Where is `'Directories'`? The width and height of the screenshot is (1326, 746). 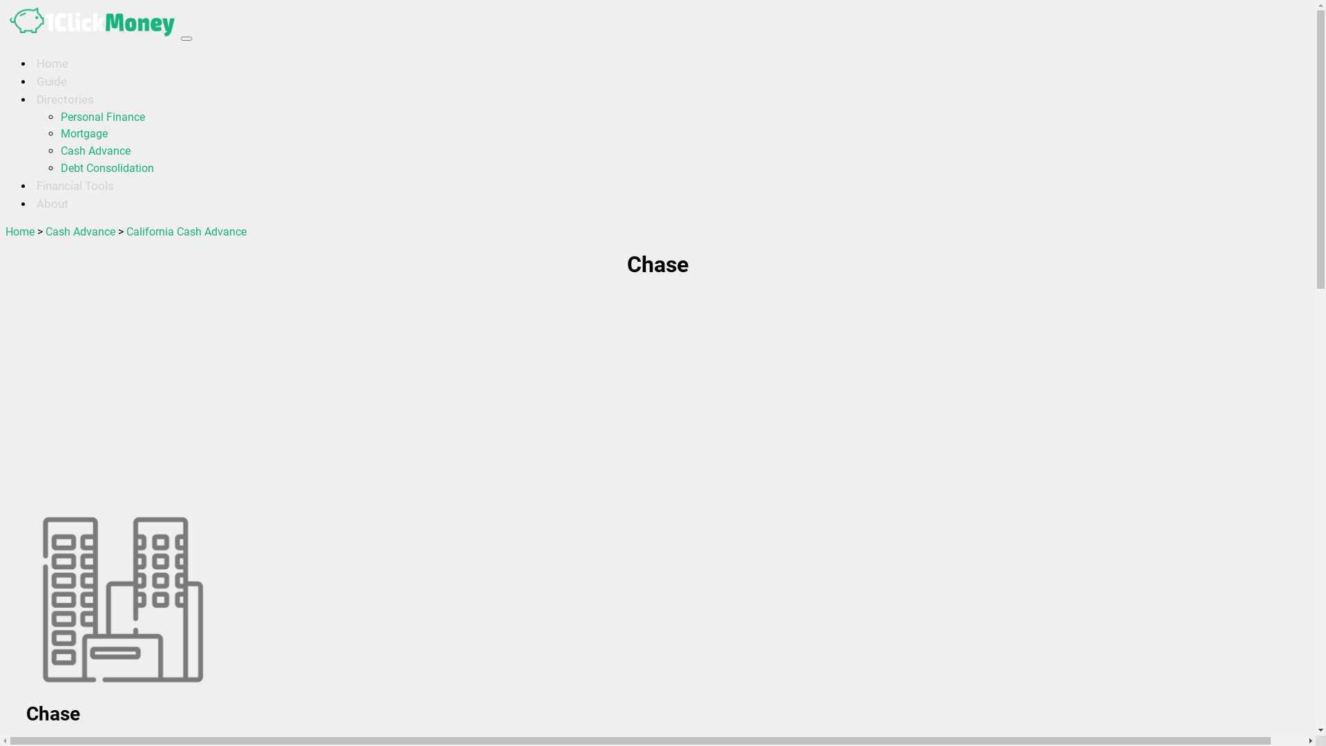 'Directories' is located at coordinates (64, 98).